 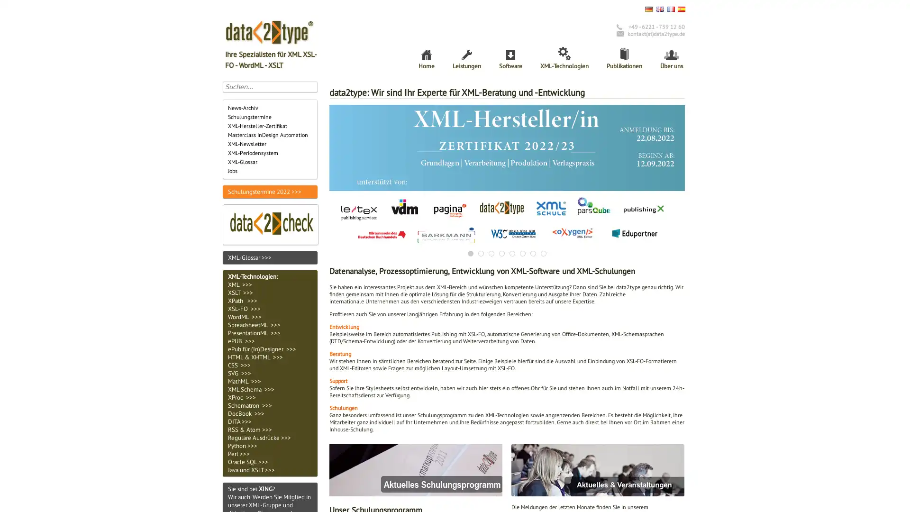 What do you see at coordinates (491, 252) in the screenshot?
I see `Carousel Page 3` at bounding box center [491, 252].